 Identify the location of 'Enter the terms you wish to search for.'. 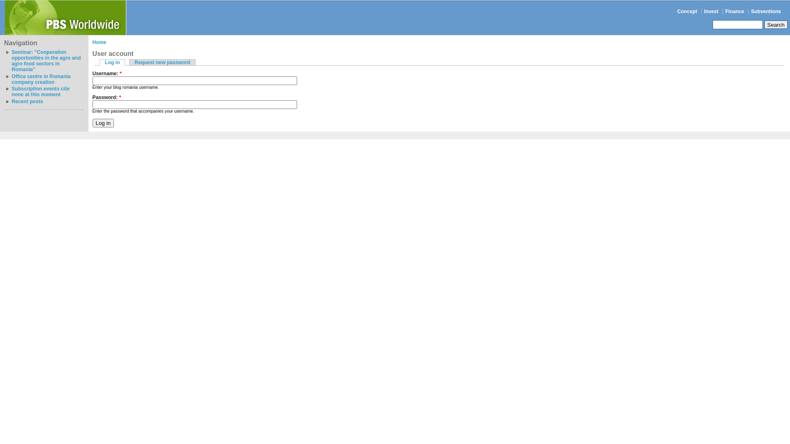
(738, 24).